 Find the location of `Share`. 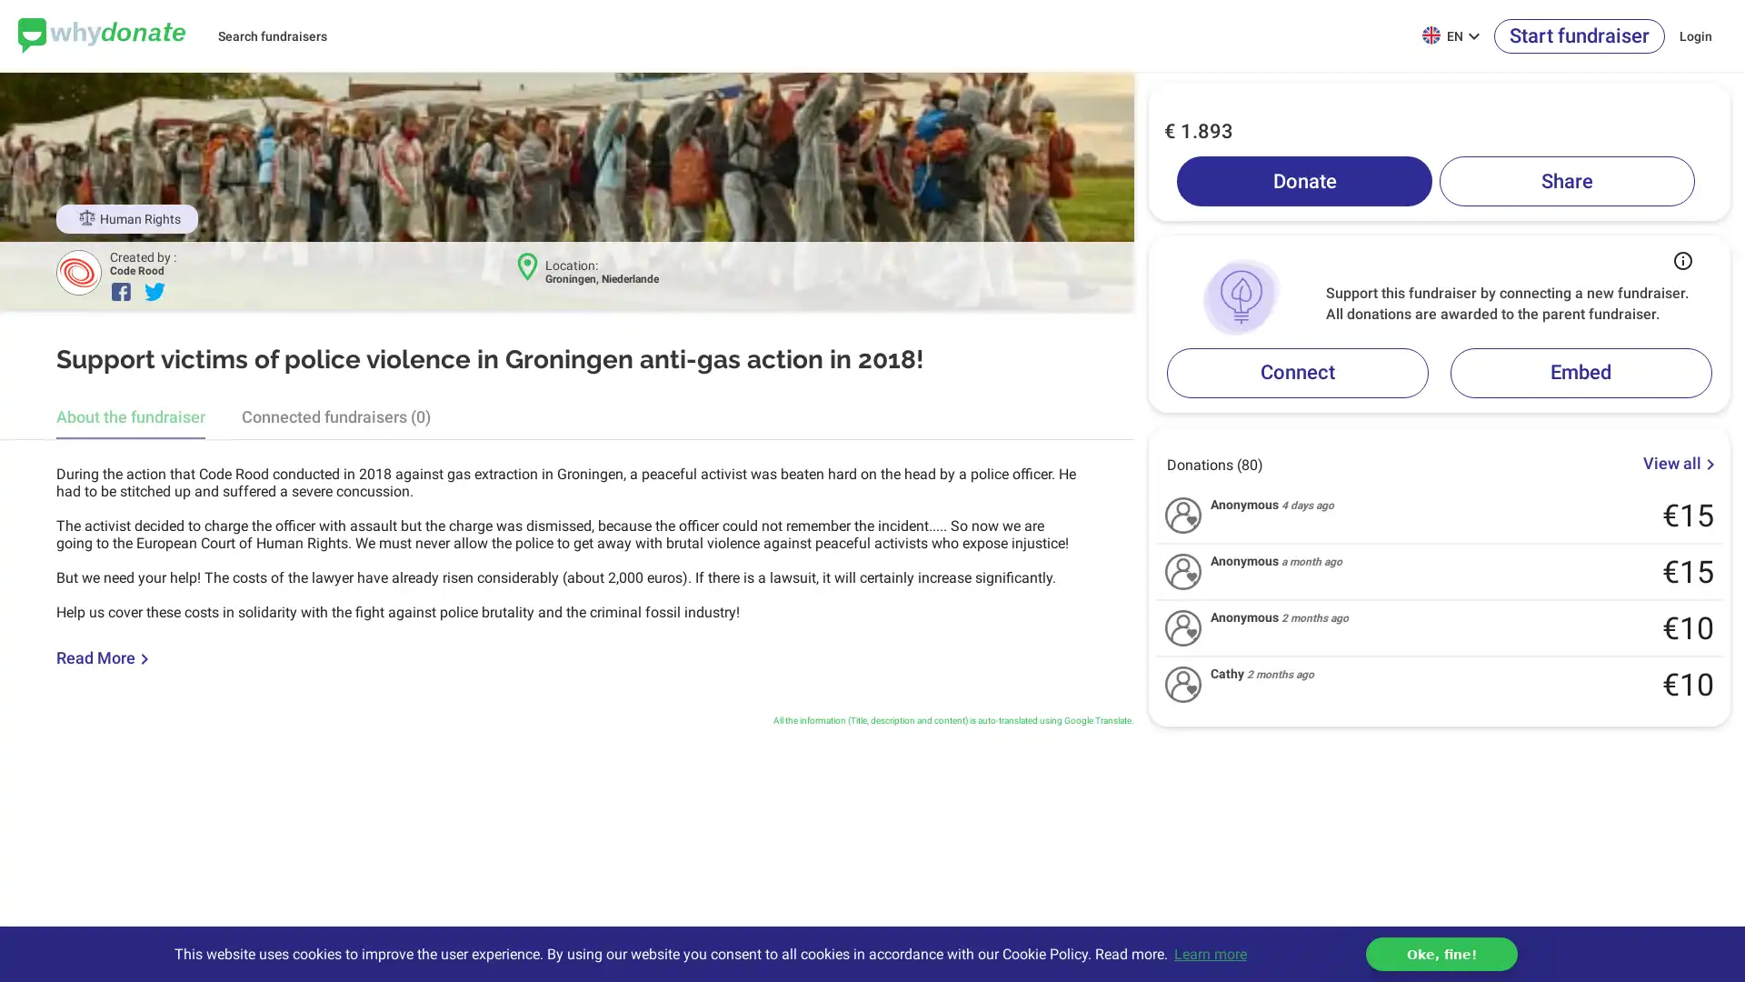

Share is located at coordinates (1565, 181).